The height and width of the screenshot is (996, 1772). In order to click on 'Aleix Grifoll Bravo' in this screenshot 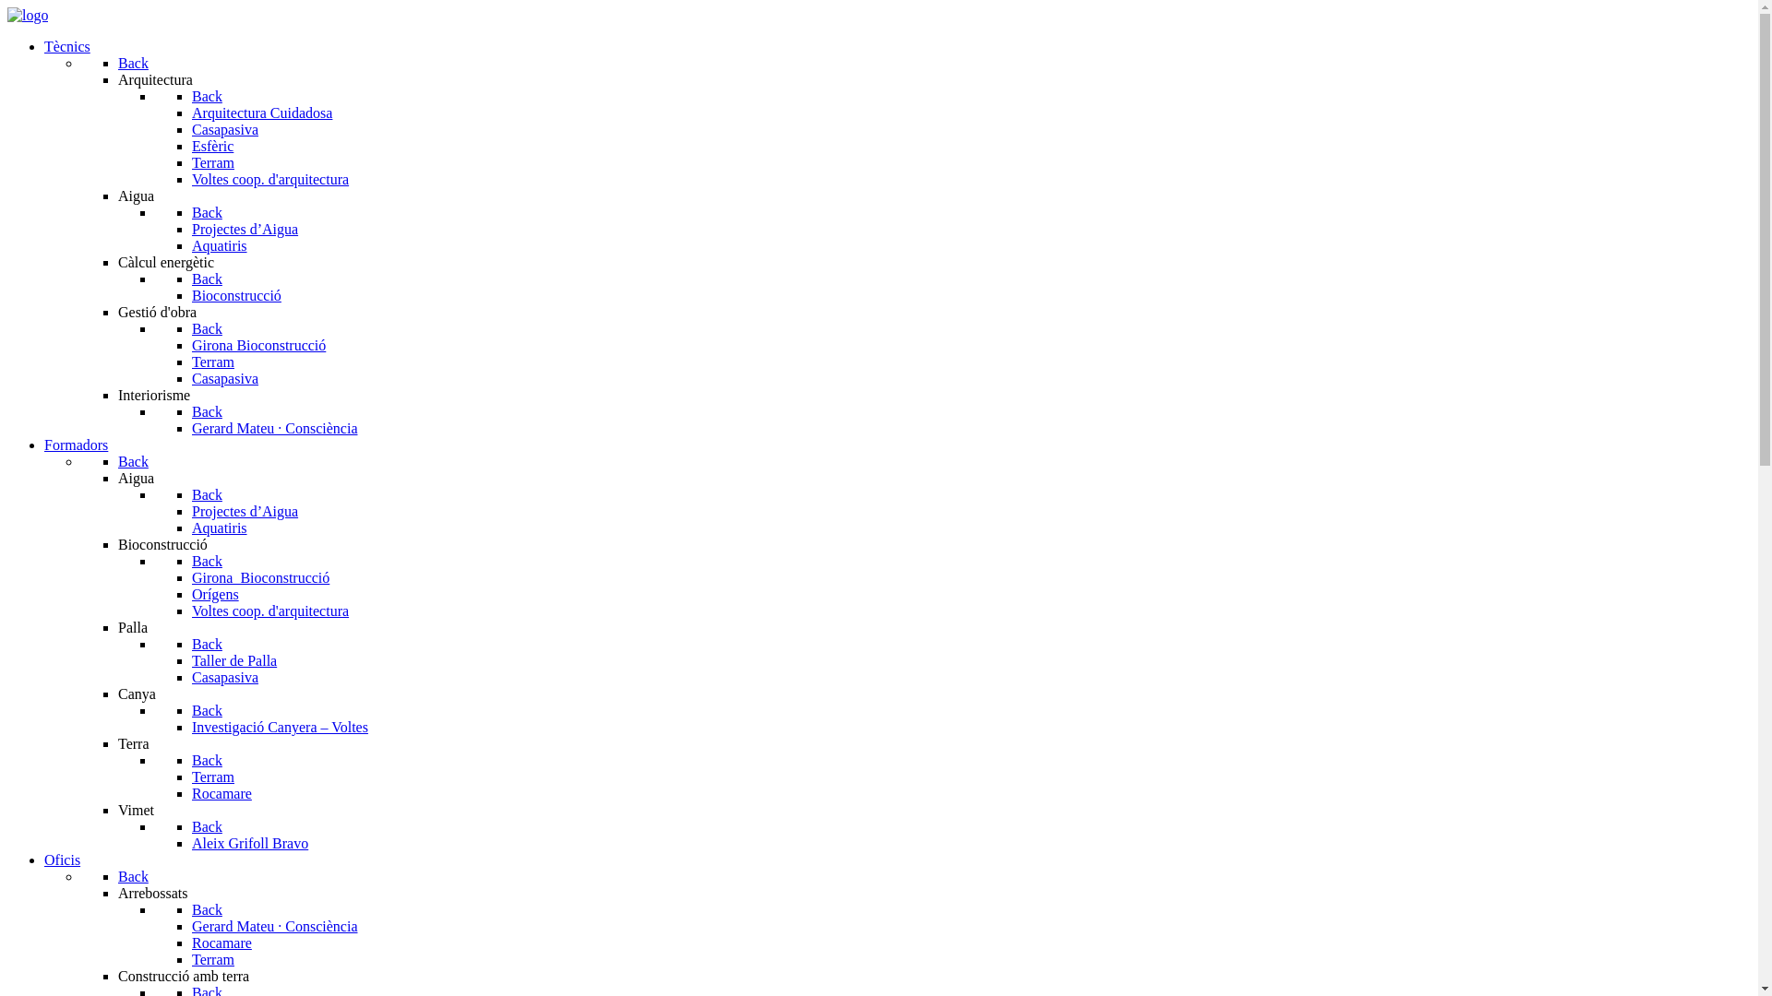, I will do `click(248, 843)`.